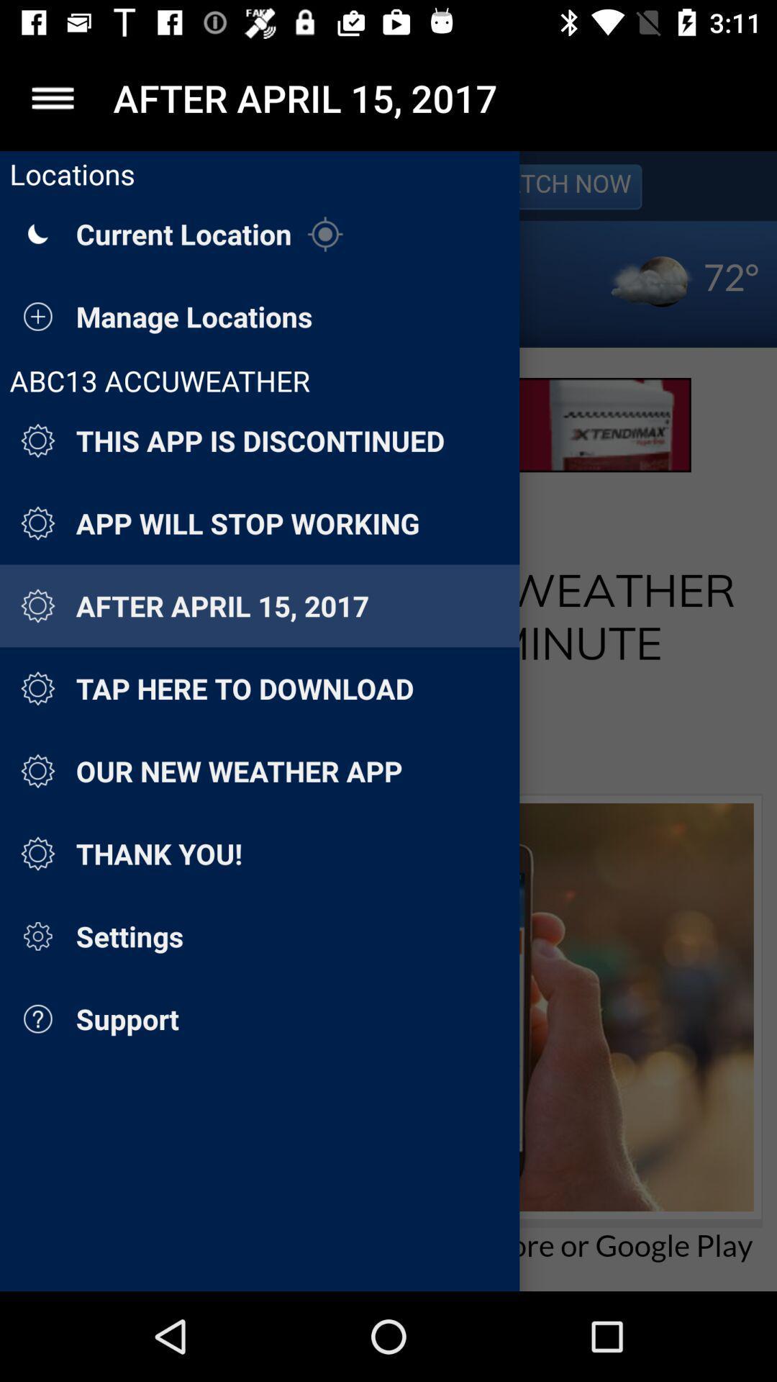 The width and height of the screenshot is (777, 1382). I want to click on the icon to the left of after april 15 app, so click(52, 97).